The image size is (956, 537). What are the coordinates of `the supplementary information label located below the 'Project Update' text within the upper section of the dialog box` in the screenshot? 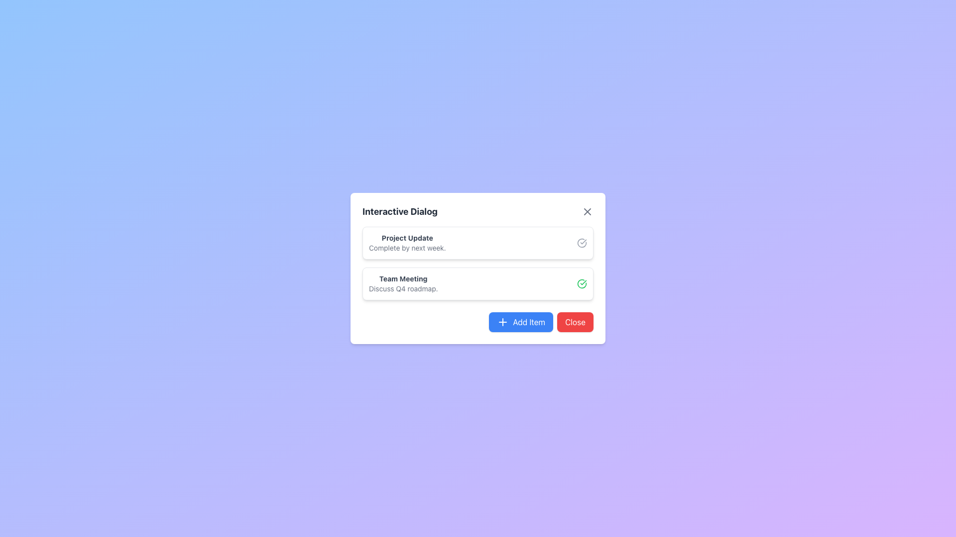 It's located at (407, 247).